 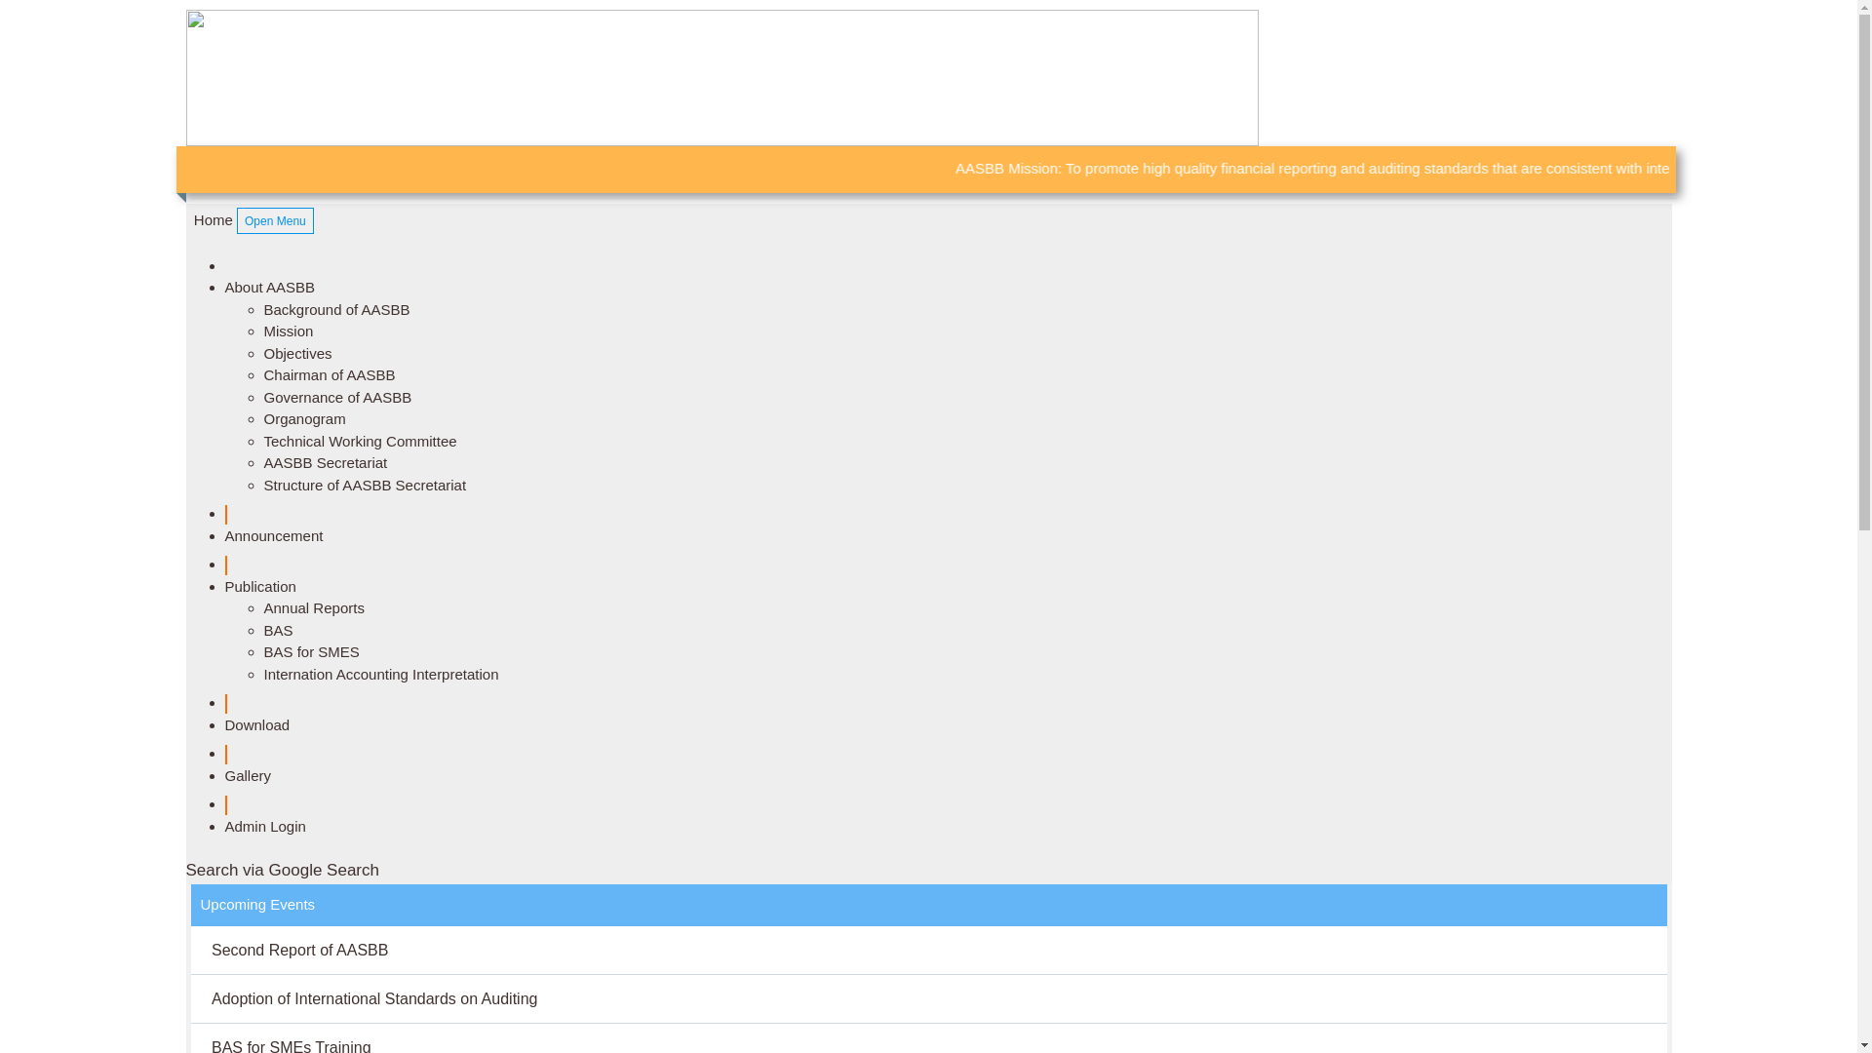 What do you see at coordinates (287, 330) in the screenshot?
I see `'Mission'` at bounding box center [287, 330].